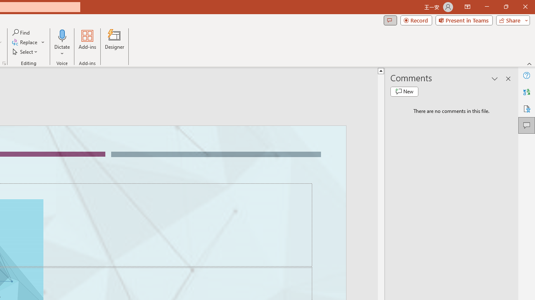  What do you see at coordinates (390, 20) in the screenshot?
I see `'Comments'` at bounding box center [390, 20].